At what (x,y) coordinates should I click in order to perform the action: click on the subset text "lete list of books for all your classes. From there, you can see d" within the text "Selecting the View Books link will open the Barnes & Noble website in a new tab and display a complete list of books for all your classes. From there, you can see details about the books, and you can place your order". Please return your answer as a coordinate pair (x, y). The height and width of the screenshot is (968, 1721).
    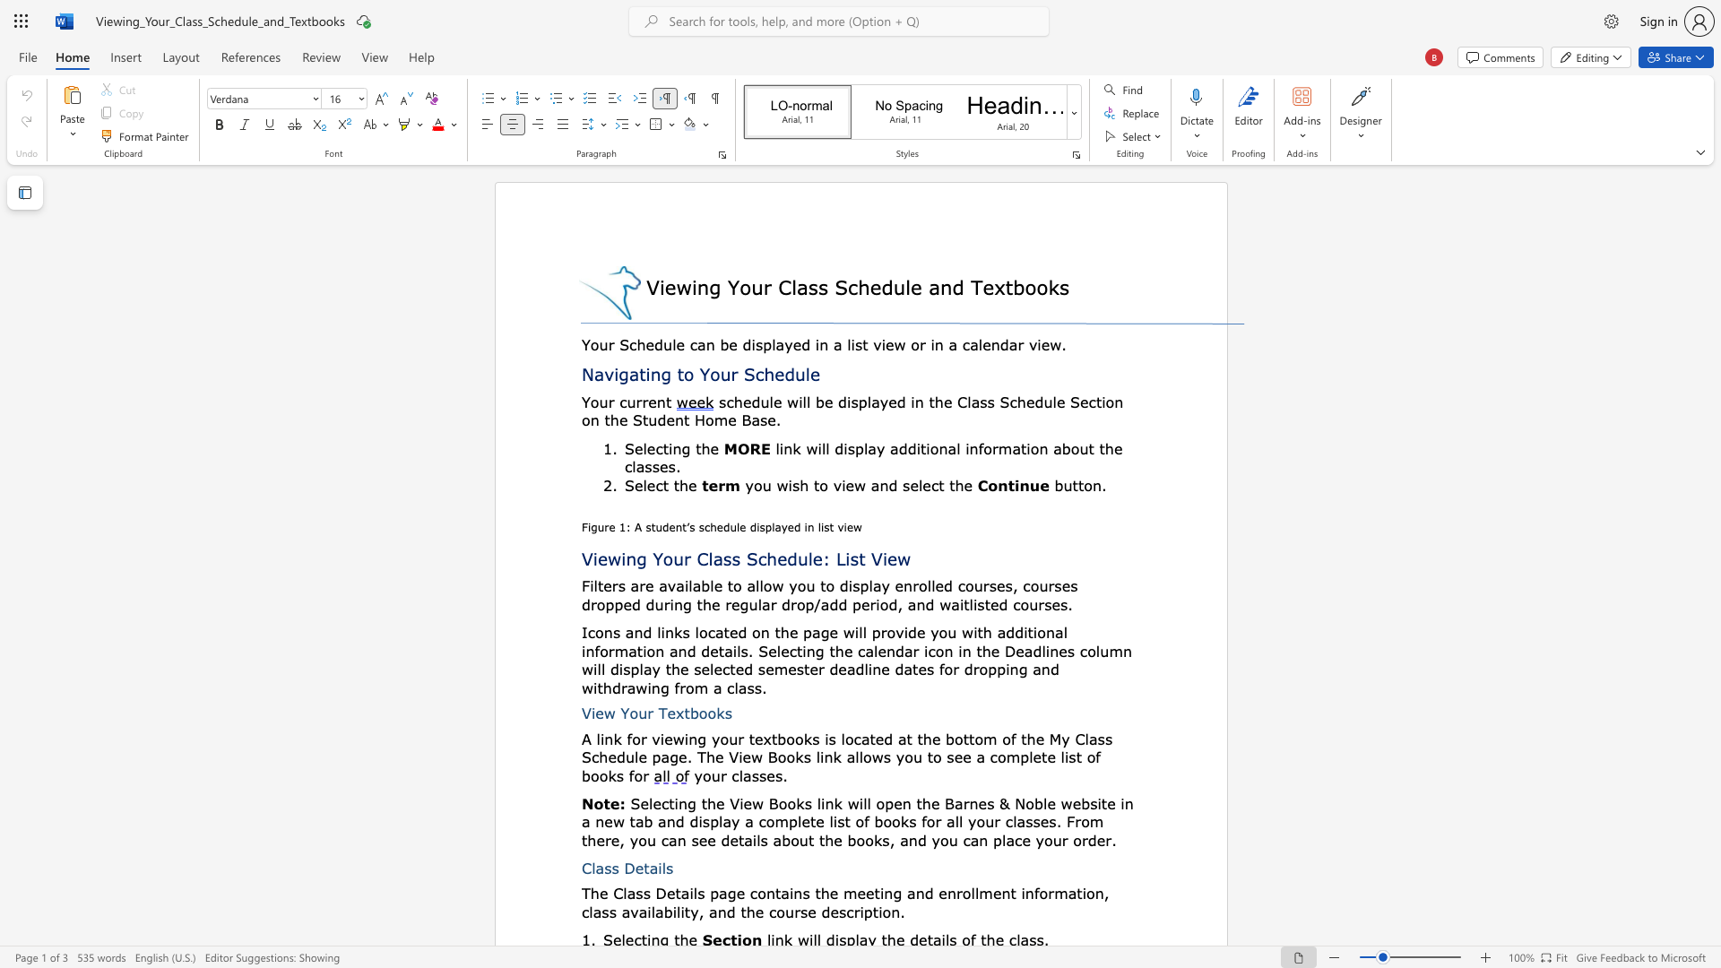
    Looking at the image, I should click on (796, 821).